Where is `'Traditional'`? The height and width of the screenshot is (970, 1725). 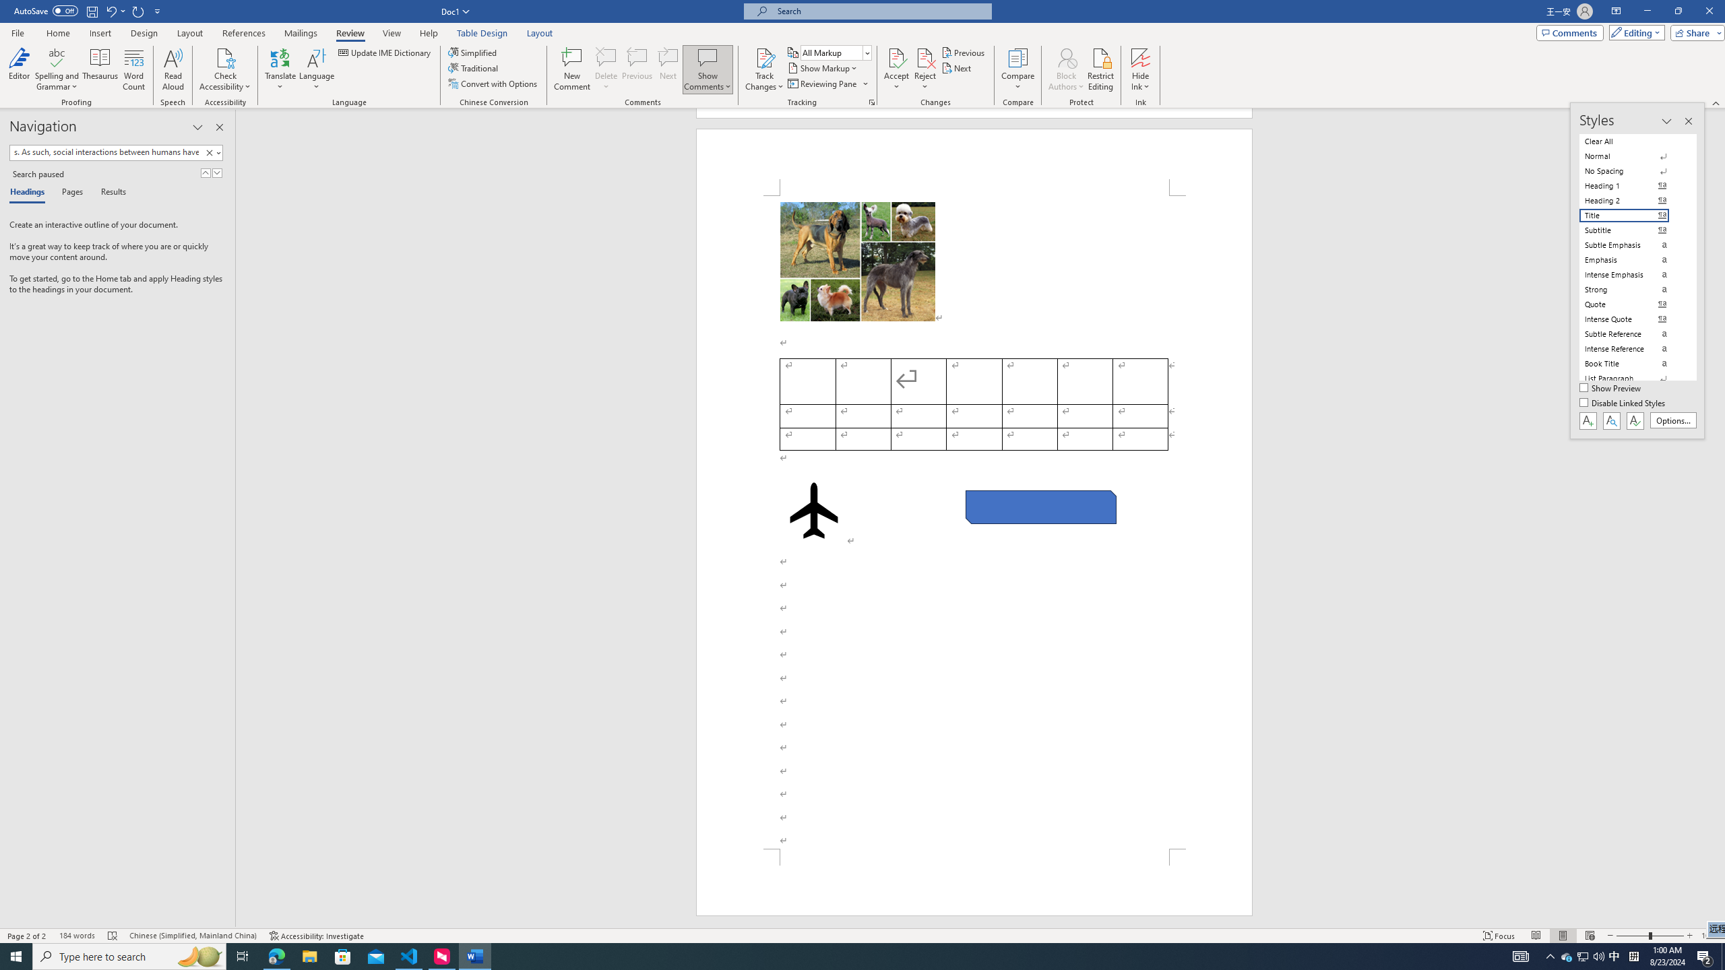 'Traditional' is located at coordinates (474, 67).